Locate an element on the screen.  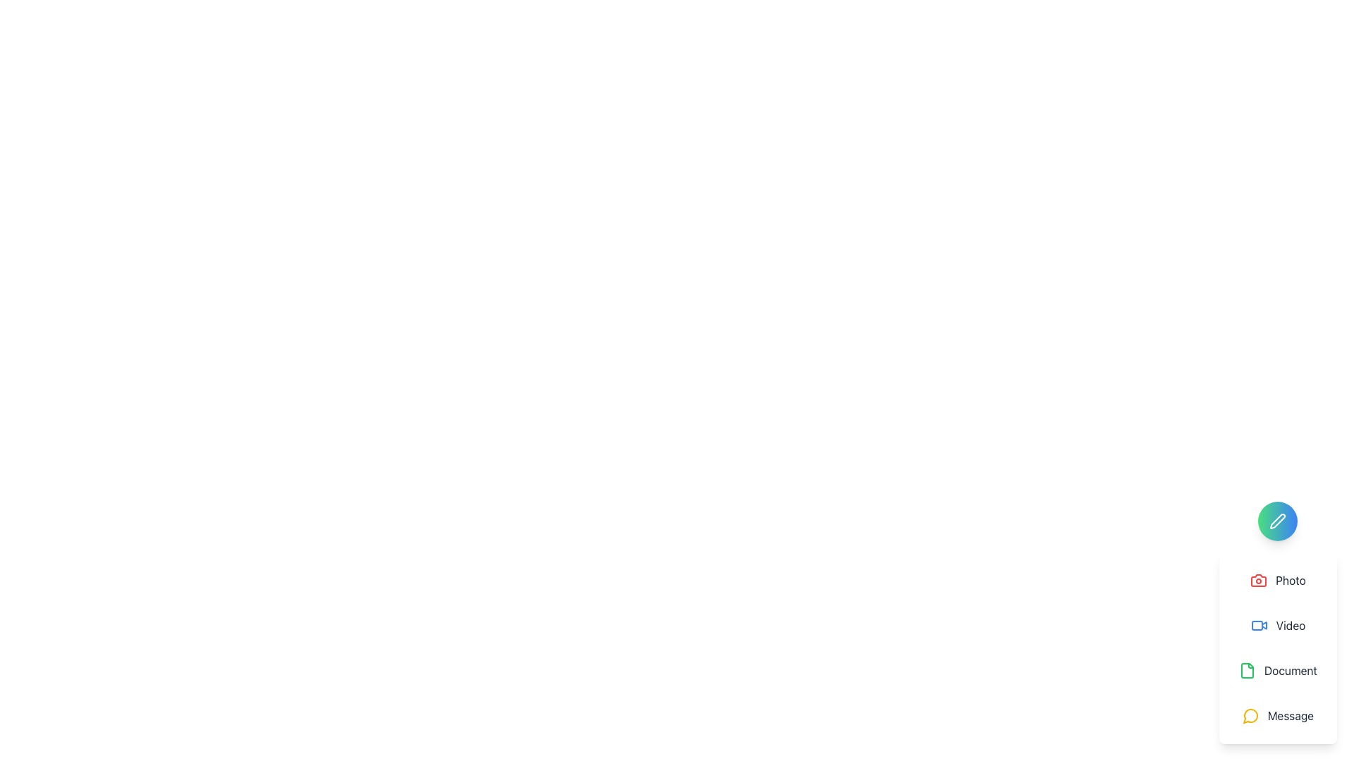
the blue video camera icon located to the left of the 'Video' text in the menu is located at coordinates (1259, 624).